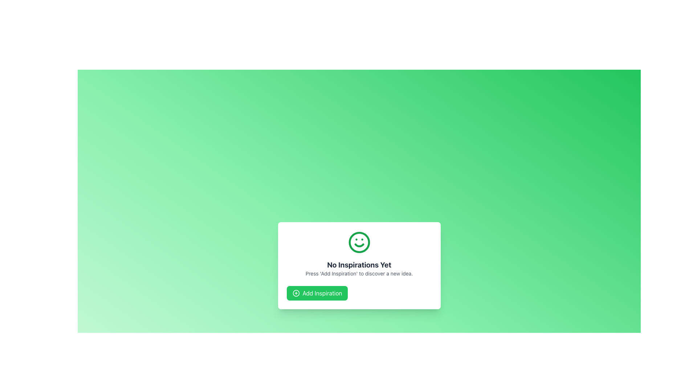 The height and width of the screenshot is (392, 697). What do you see at coordinates (359, 242) in the screenshot?
I see `the decorative graphic icon located above the text 'No Inspirations Yet' within the centered card` at bounding box center [359, 242].